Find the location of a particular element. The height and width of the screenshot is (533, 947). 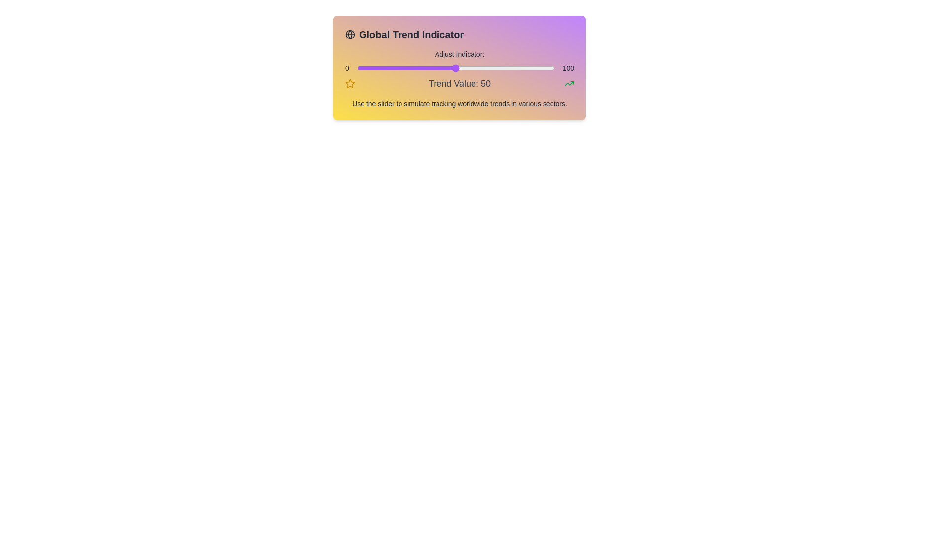

the slider to set the value to 91 is located at coordinates (536, 68).